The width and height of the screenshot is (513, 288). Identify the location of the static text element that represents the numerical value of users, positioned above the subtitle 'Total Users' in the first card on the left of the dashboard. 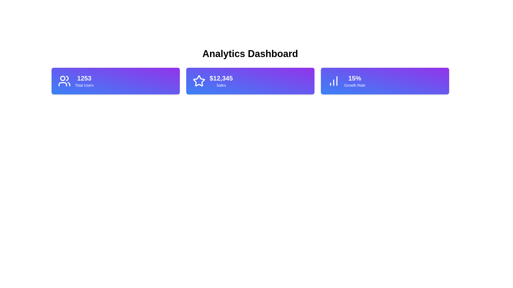
(84, 78).